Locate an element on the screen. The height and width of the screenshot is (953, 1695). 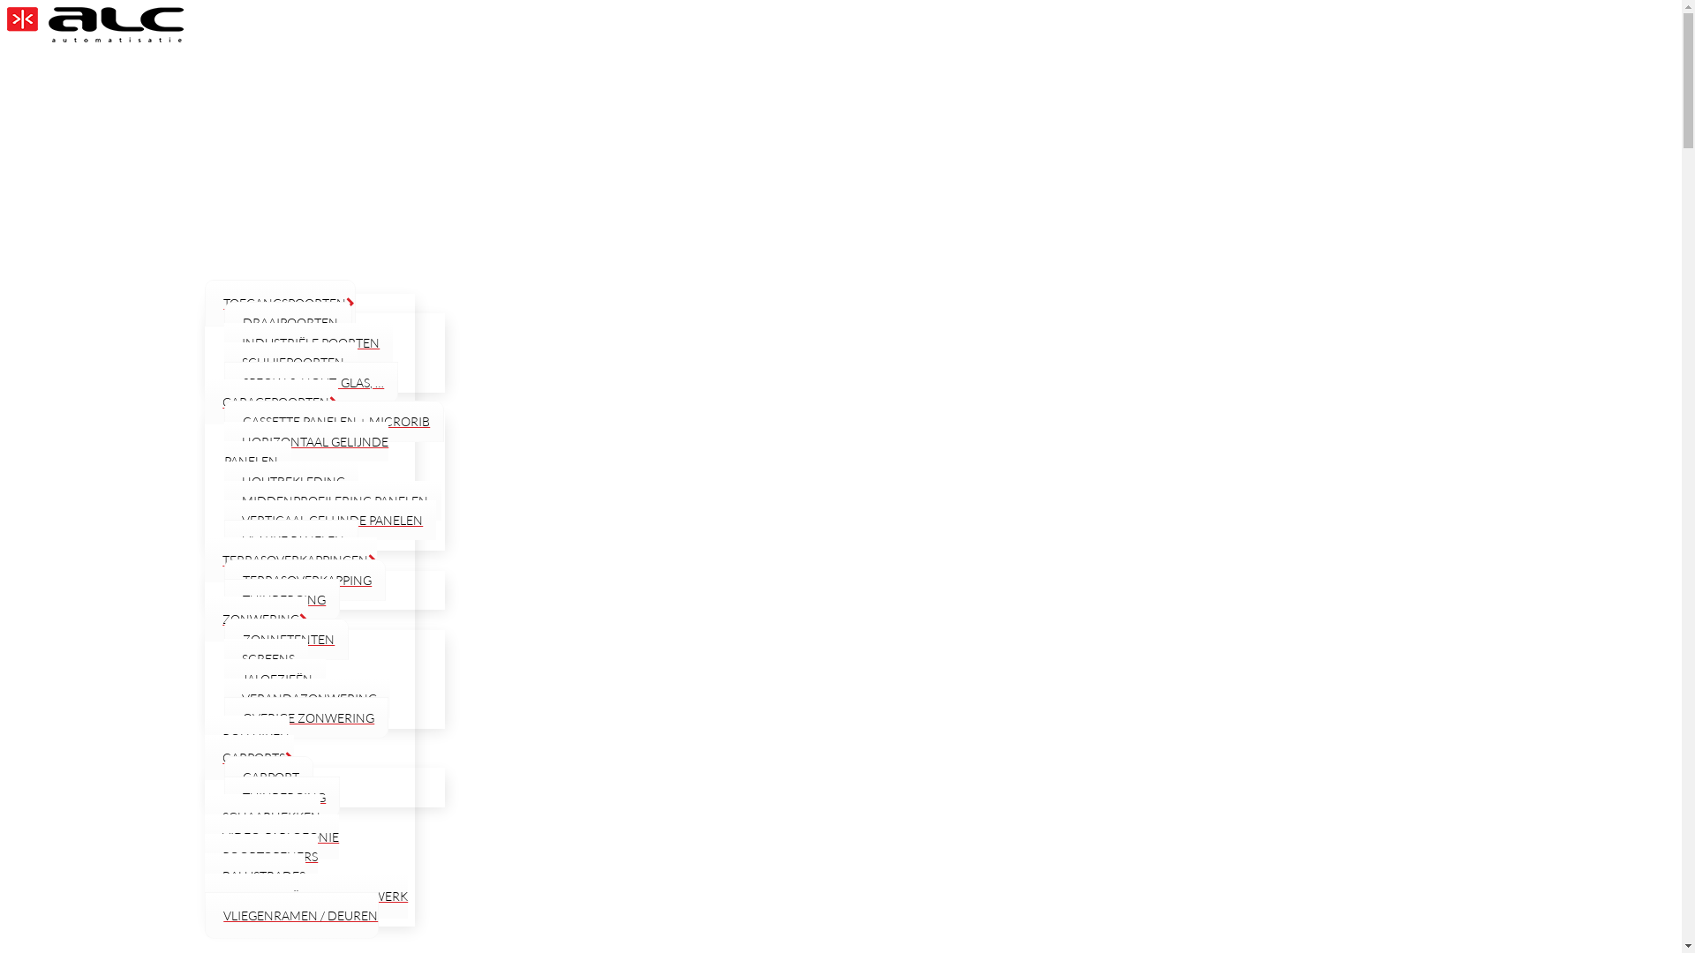
'CARPORTS' is located at coordinates (248, 756).